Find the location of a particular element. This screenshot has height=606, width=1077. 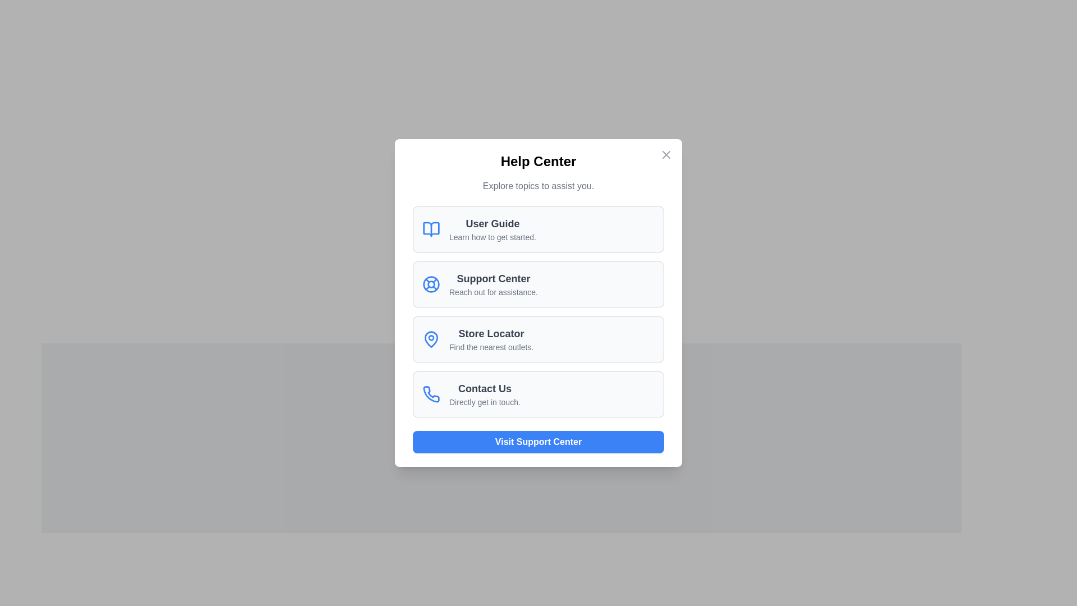

the text label that says 'Find the nearest outlets.' located below the title 'Store Locator' in the modal window is located at coordinates (491, 346).